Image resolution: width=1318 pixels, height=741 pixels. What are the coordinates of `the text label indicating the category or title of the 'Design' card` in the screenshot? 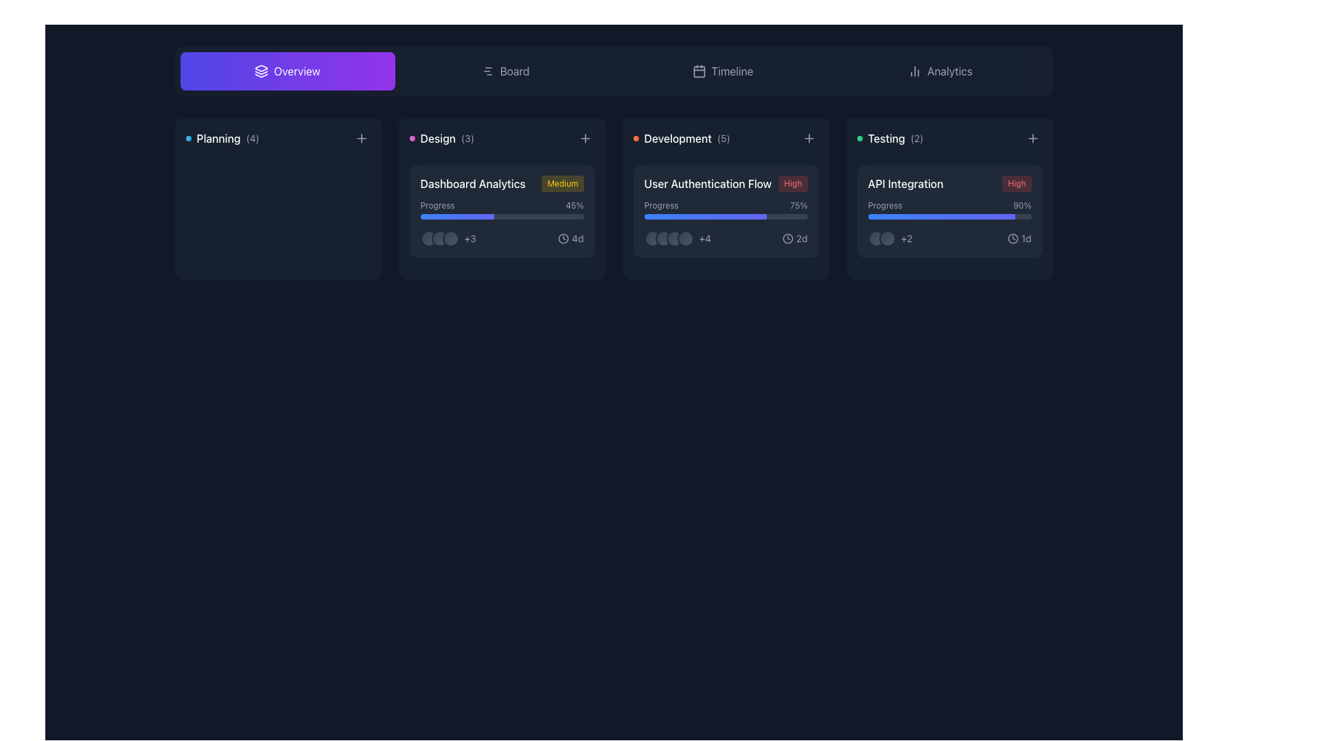 It's located at (441, 138).